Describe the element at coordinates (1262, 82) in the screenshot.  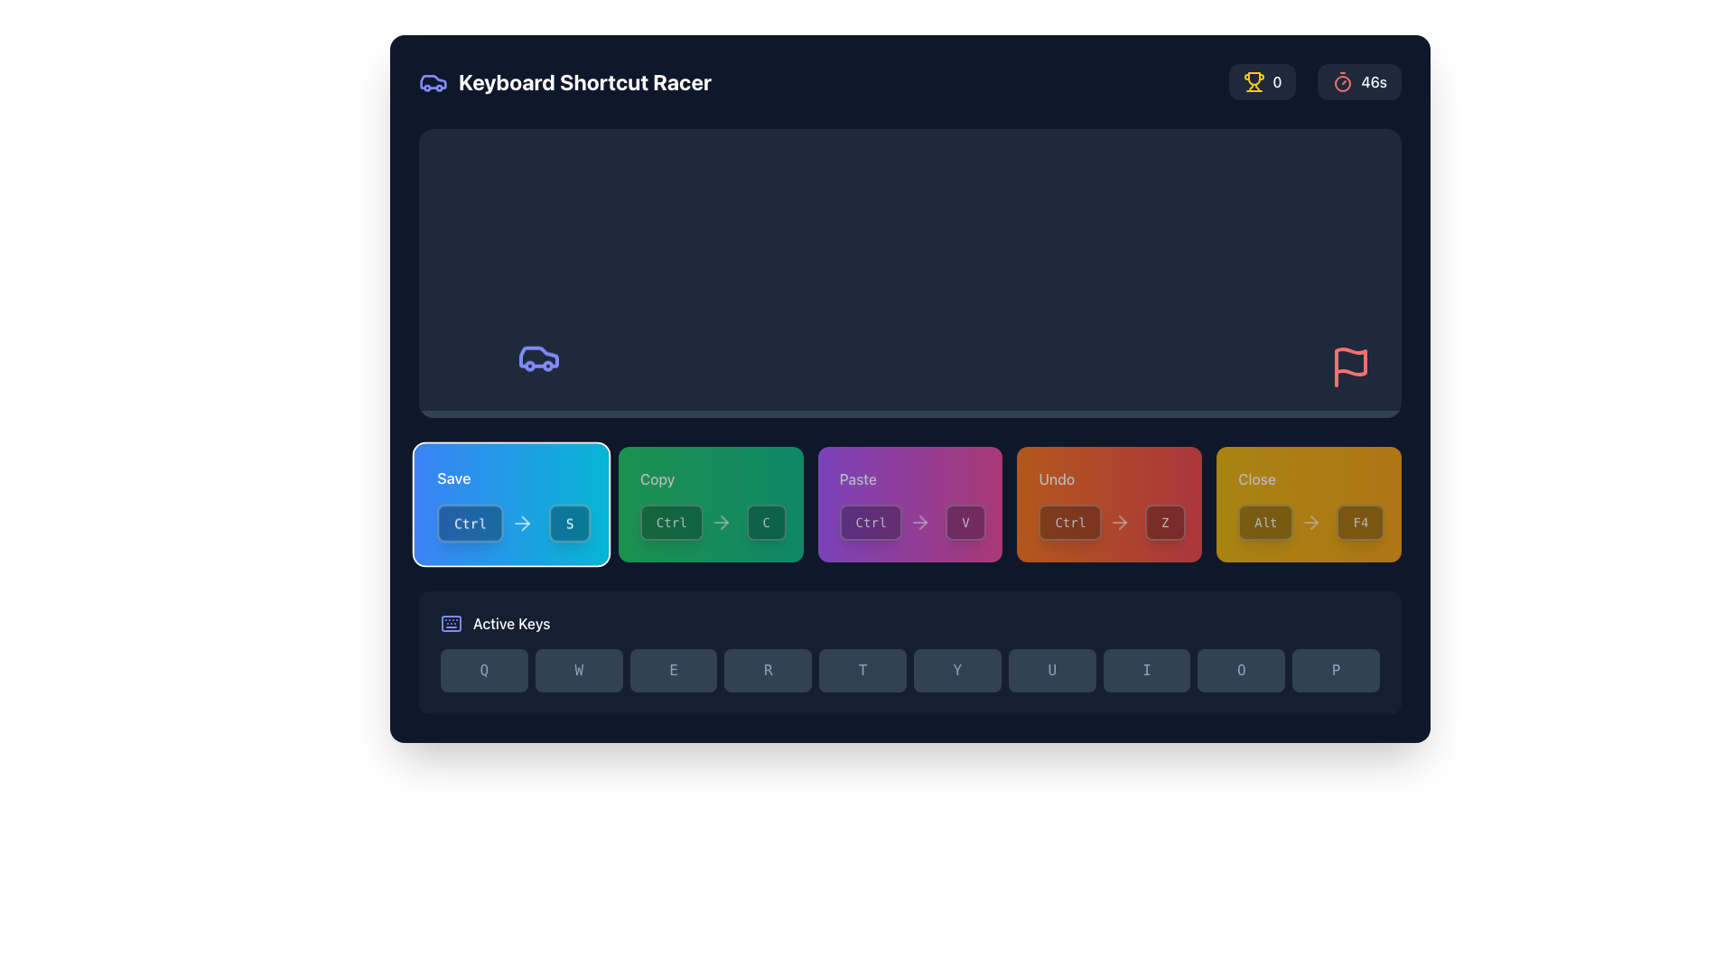
I see `the score or achievement counter element located at the top right corner of the interface, which consists of an icon and a text label` at that location.